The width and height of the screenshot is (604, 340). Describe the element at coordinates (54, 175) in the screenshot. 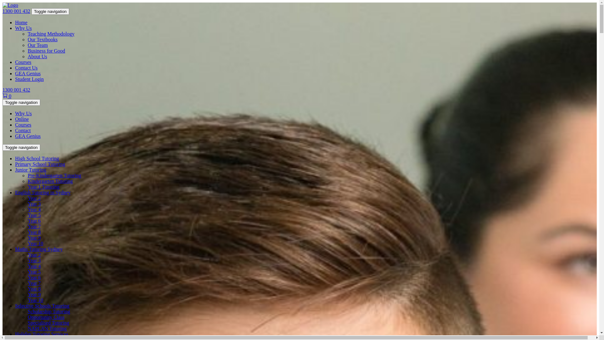

I see `'Pre-Kindergarten Tutoring'` at that location.